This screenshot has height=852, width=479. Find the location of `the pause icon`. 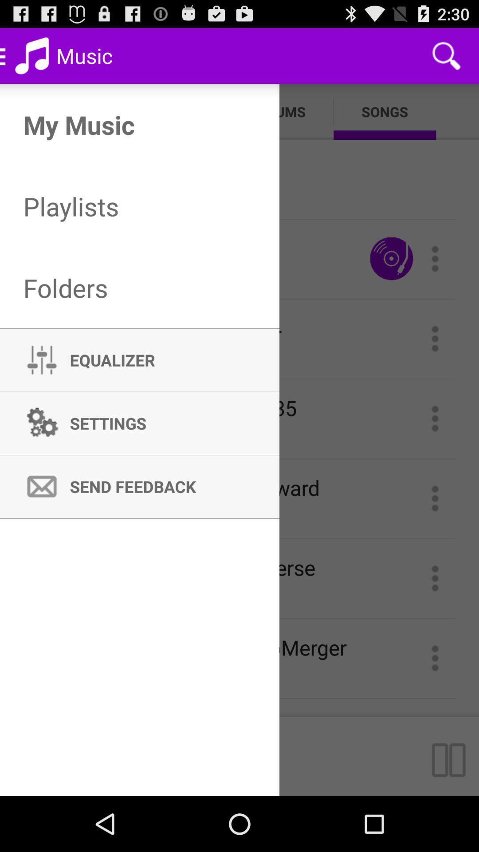

the pause icon is located at coordinates (448, 813).